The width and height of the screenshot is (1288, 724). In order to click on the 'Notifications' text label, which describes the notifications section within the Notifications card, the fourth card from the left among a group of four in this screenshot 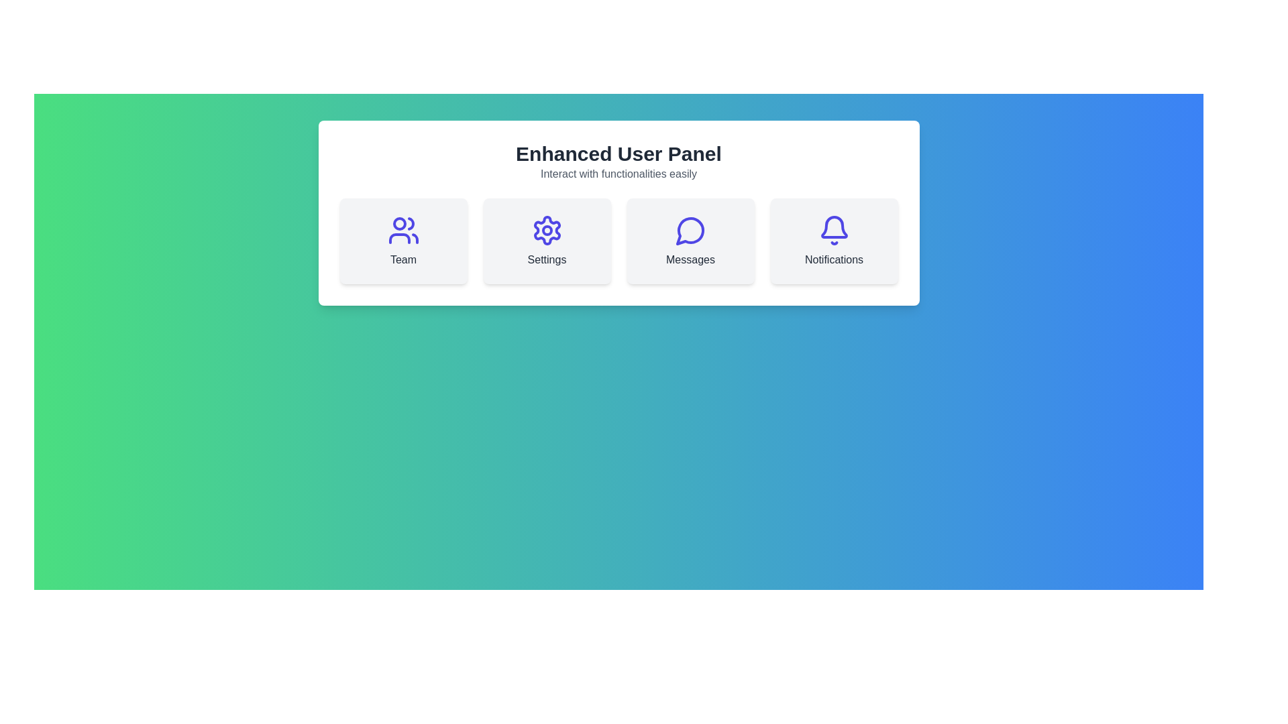, I will do `click(833, 260)`.